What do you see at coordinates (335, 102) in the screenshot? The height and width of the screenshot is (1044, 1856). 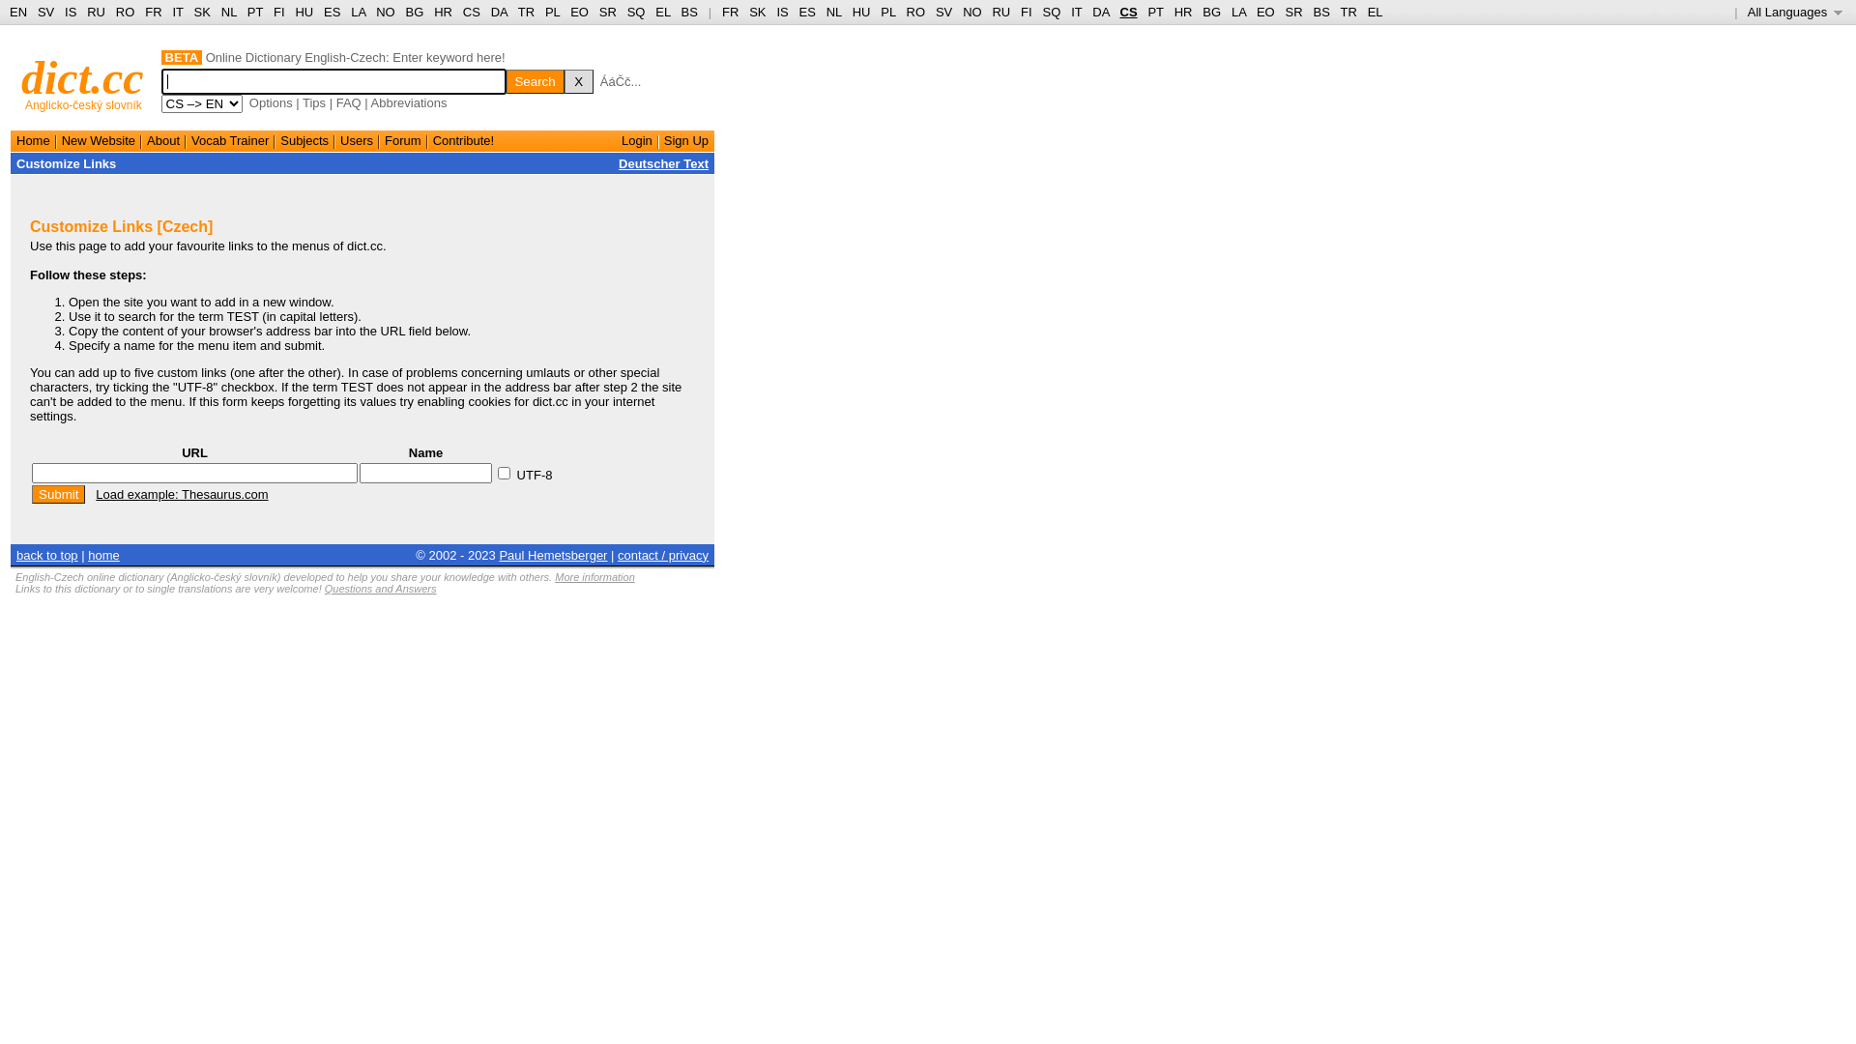 I see `'FAQ'` at bounding box center [335, 102].